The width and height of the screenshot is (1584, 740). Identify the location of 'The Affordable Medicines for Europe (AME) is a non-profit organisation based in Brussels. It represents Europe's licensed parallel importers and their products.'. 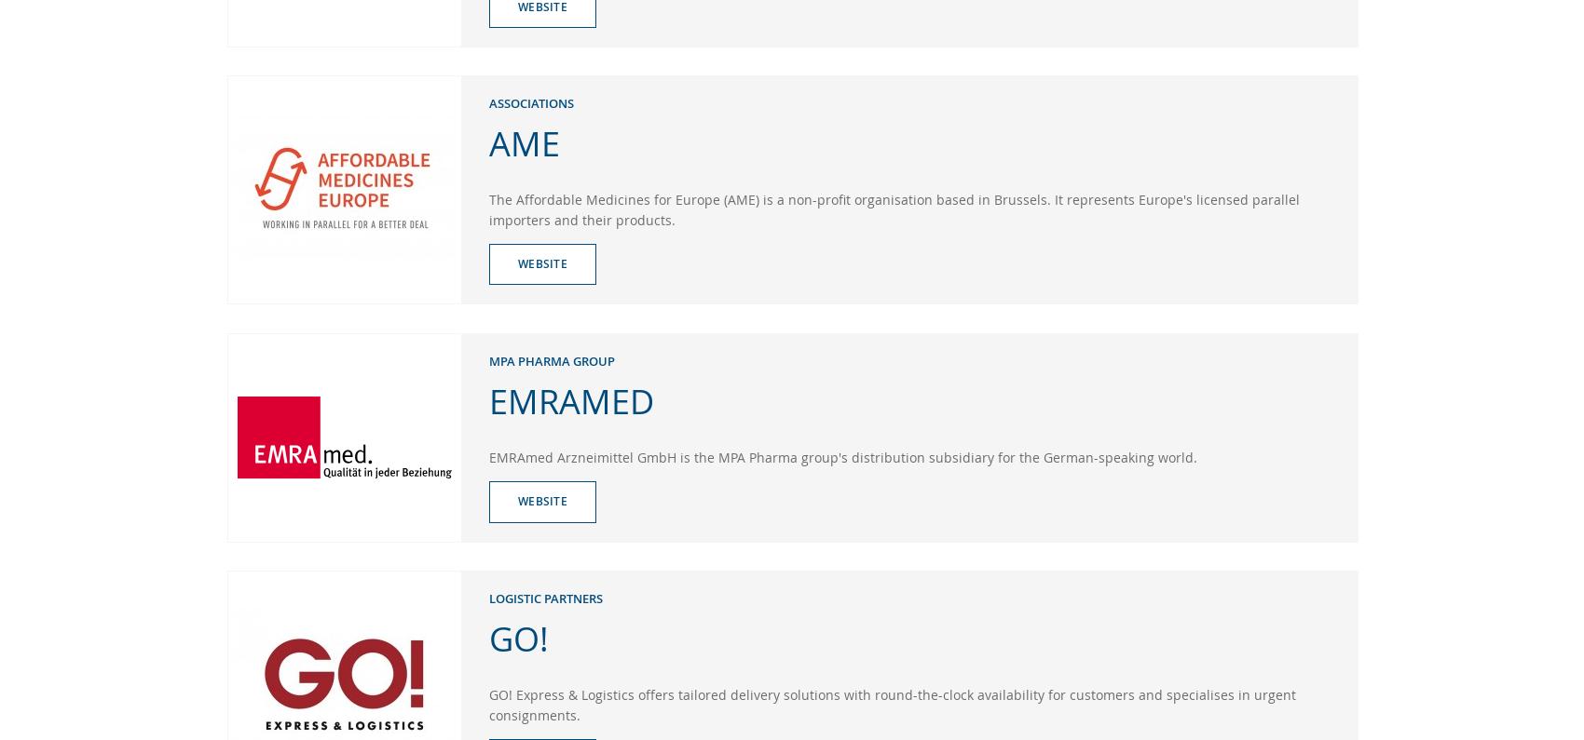
(893, 209).